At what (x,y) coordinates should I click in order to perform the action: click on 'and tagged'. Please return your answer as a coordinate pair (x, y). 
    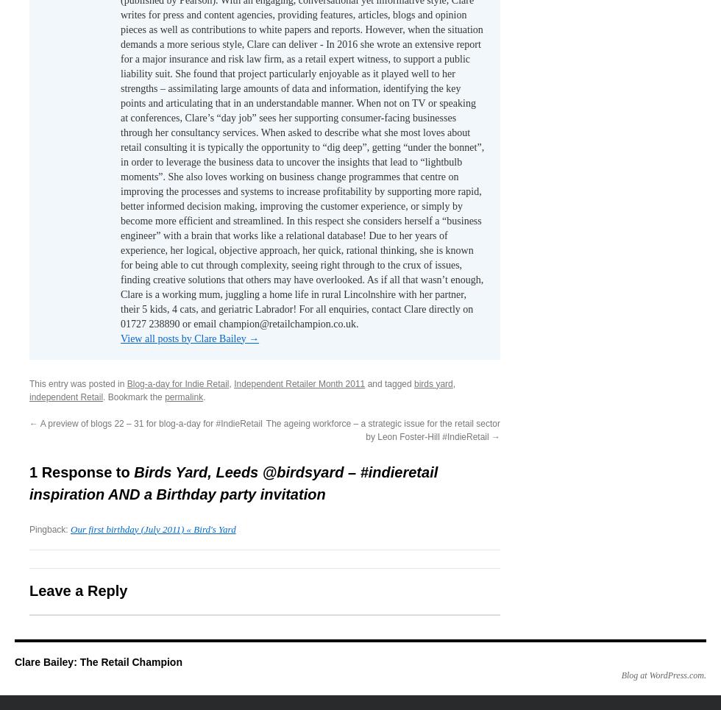
    Looking at the image, I should click on (389, 383).